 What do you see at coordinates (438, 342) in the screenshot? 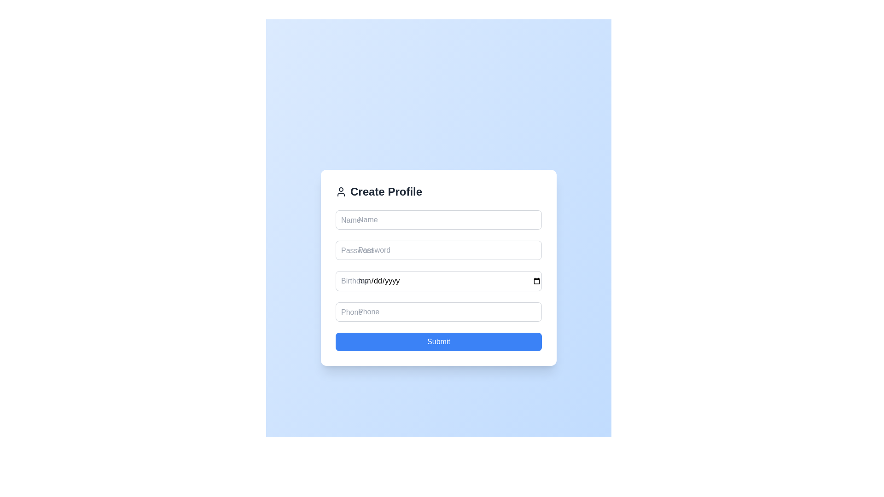
I see `the 'Submit' button with a blue background and white text located at the bottom of the 'Create Profile' form` at bounding box center [438, 342].